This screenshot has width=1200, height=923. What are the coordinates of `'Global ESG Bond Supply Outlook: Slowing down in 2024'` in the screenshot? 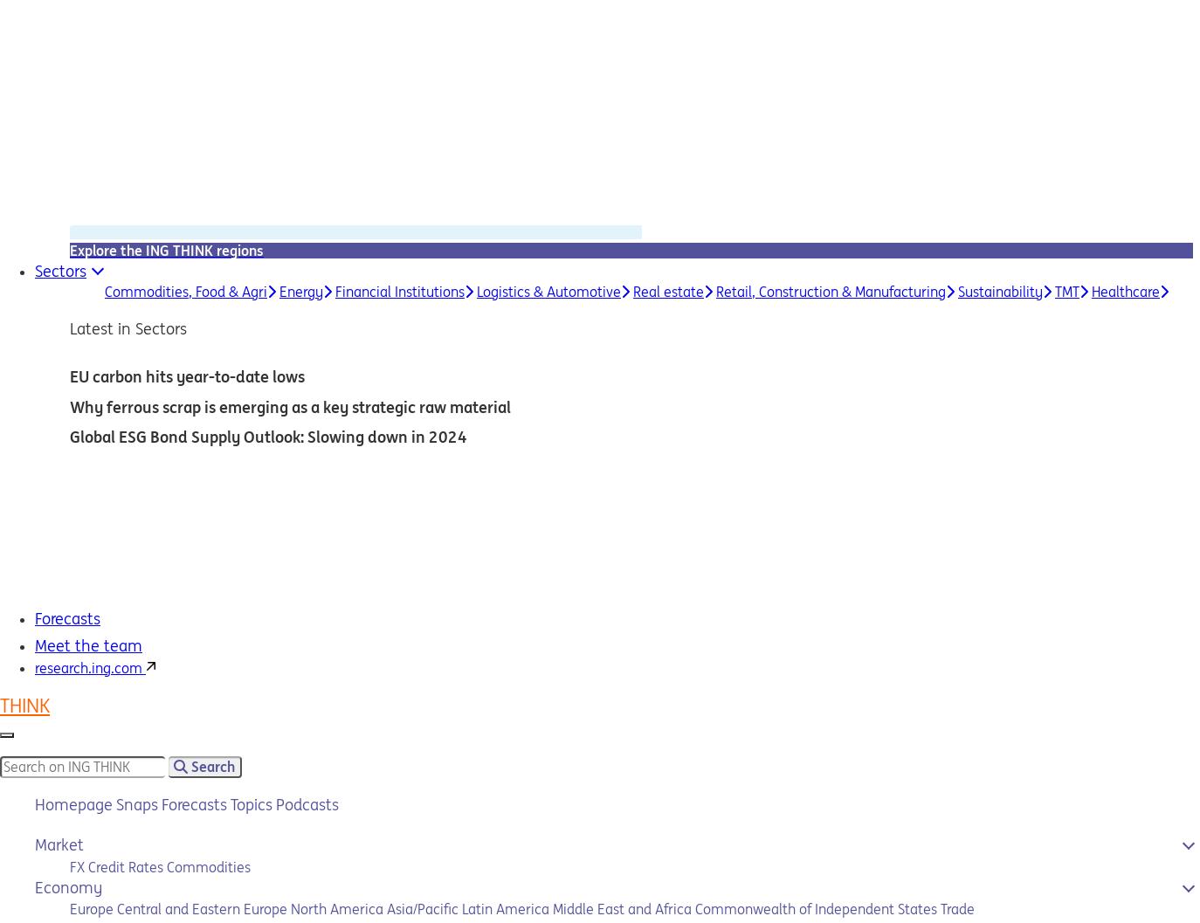 It's located at (68, 437).